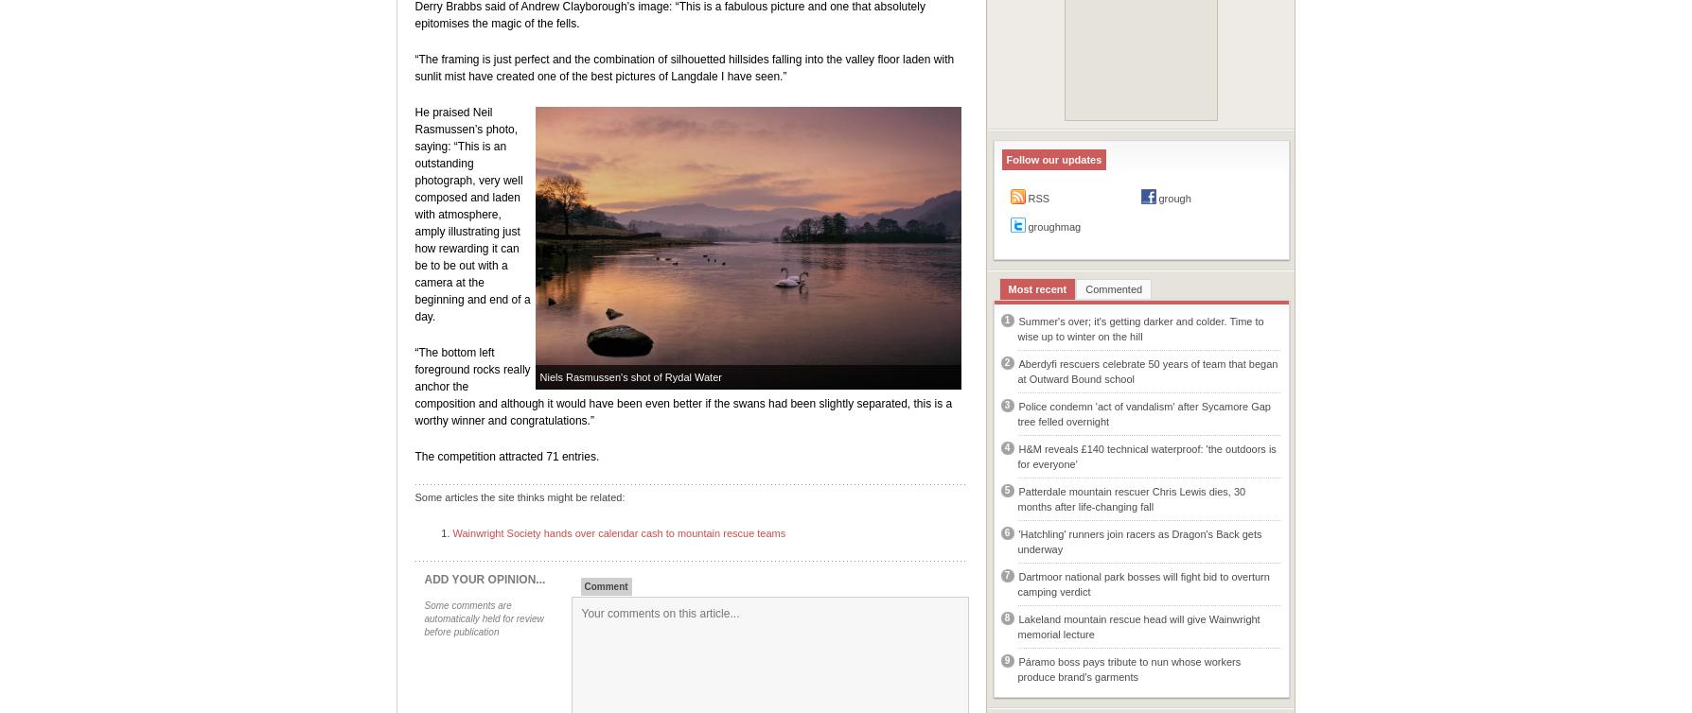  What do you see at coordinates (683, 68) in the screenshot?
I see `'“The framing is just perfect and the combination of silhouetted hillsides falling into the valley floor laden with sunlit mist have created one of the best pictures of Langdale I have seen.”'` at bounding box center [683, 68].